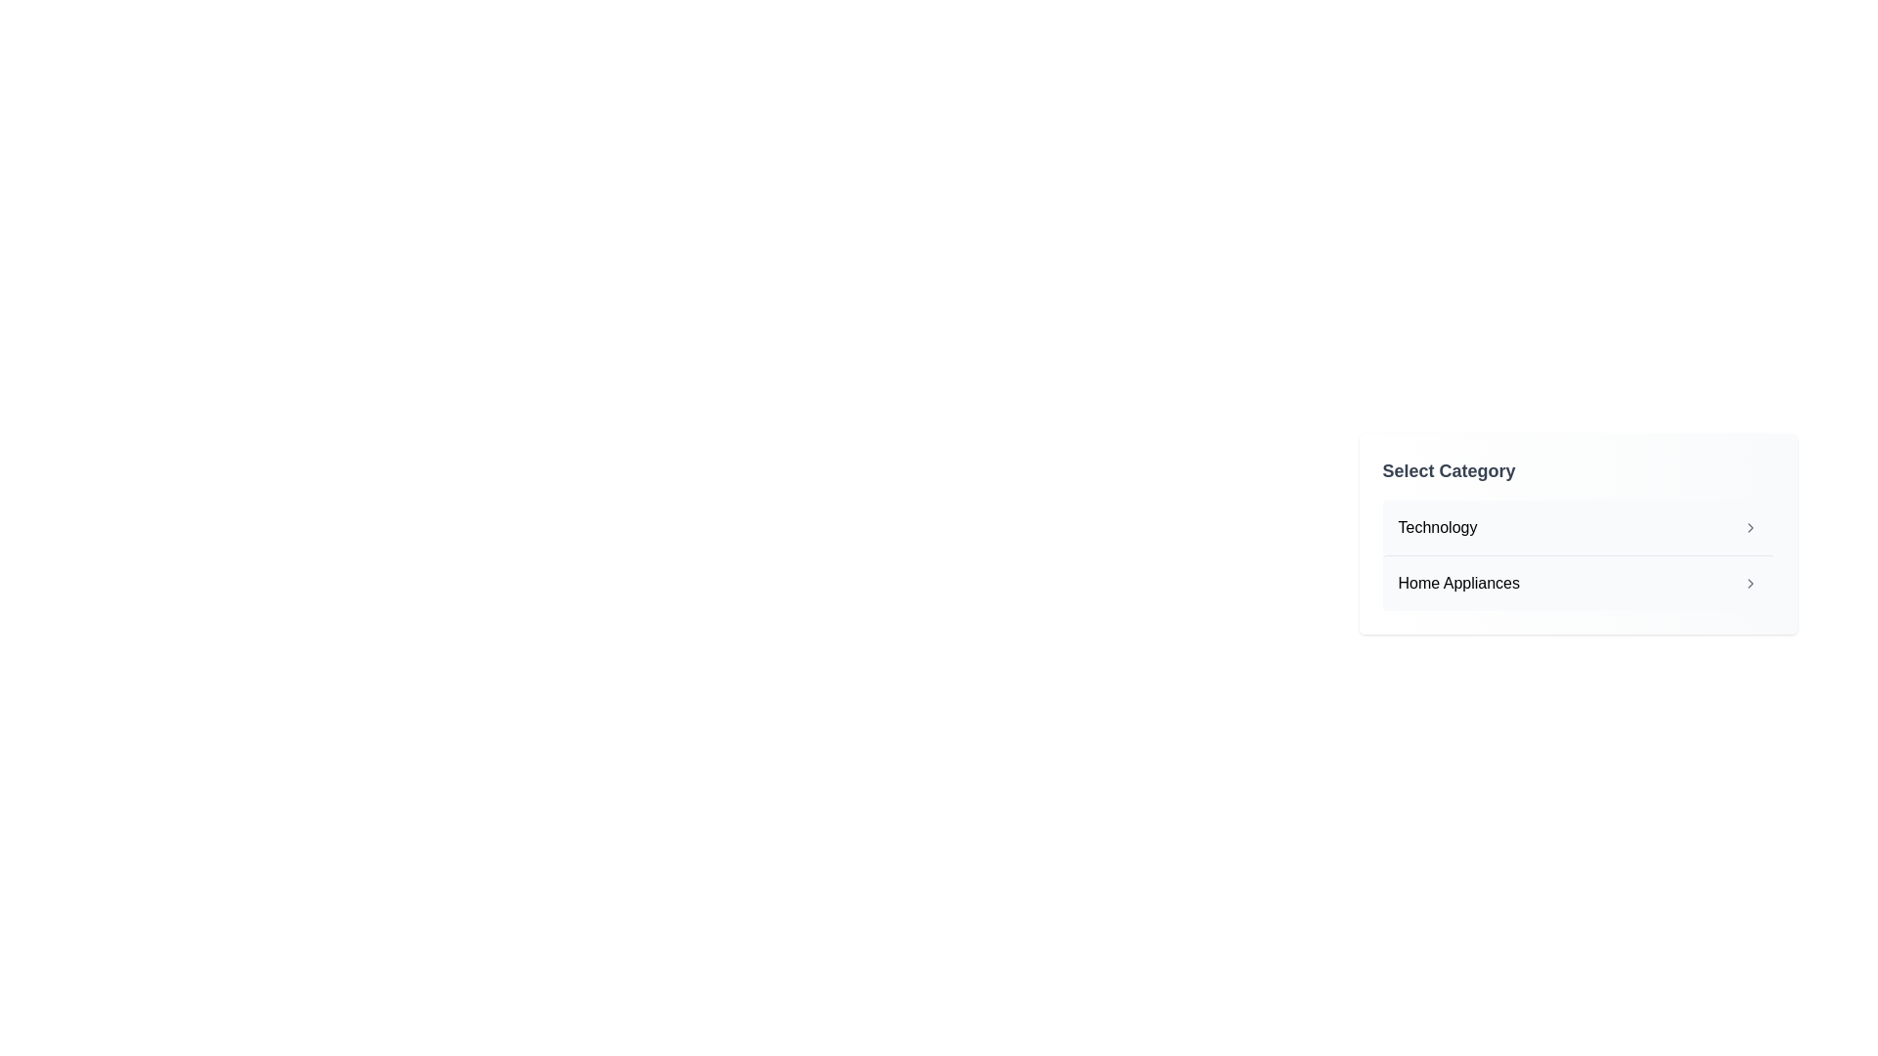  Describe the element at coordinates (1578, 528) in the screenshot. I see `the first button in the 'Select Category' list` at that location.